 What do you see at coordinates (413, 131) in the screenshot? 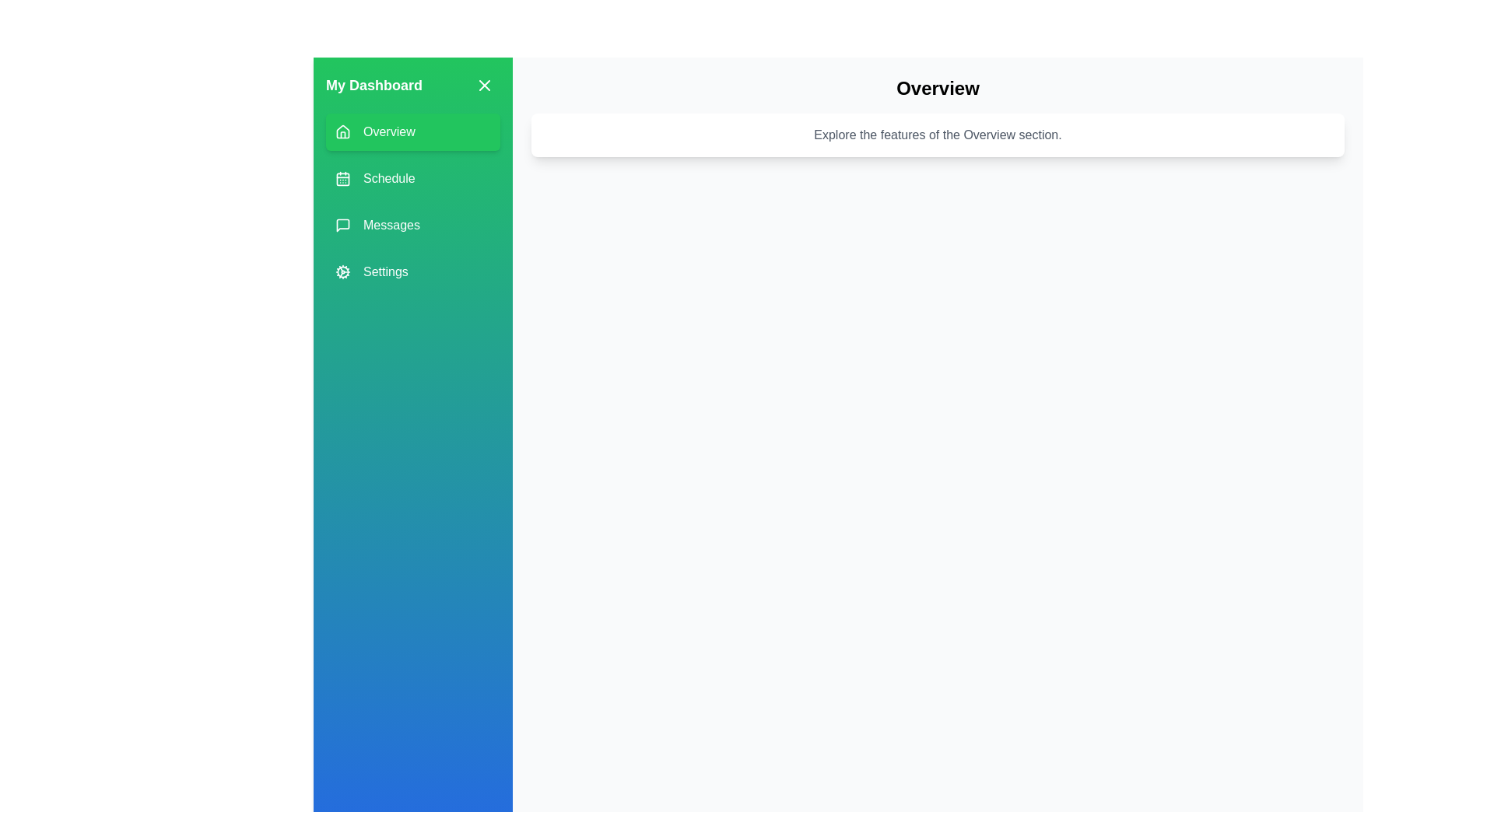
I see `the menu item labeled Overview to change the active section` at bounding box center [413, 131].